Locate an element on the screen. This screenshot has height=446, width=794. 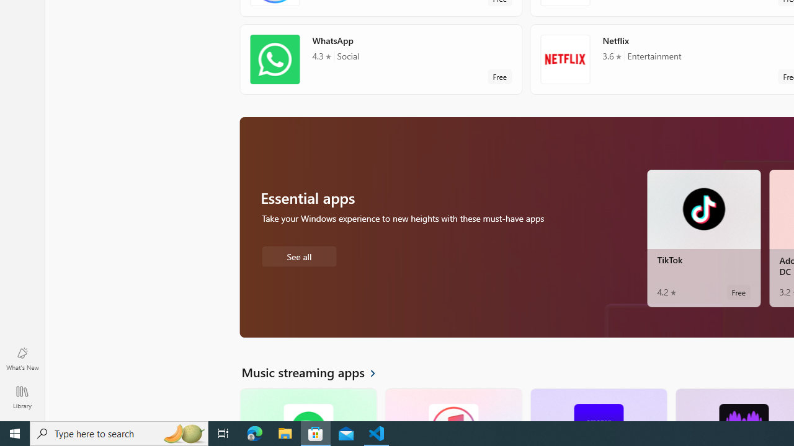
'Library' is located at coordinates (22, 396).